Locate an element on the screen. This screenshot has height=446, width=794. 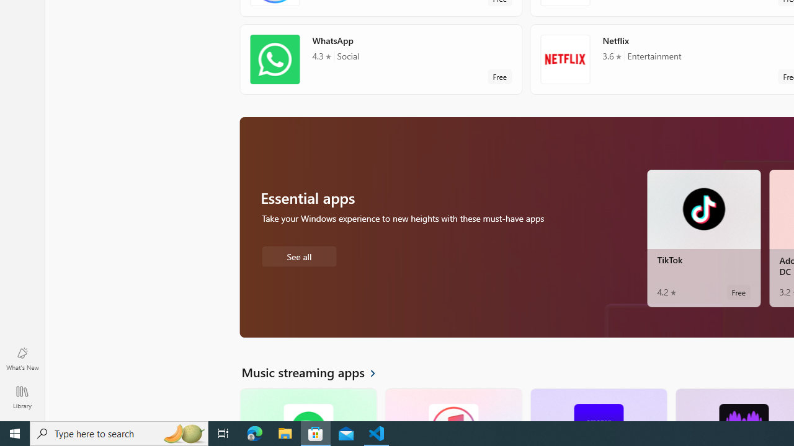
'Library' is located at coordinates (22, 396).